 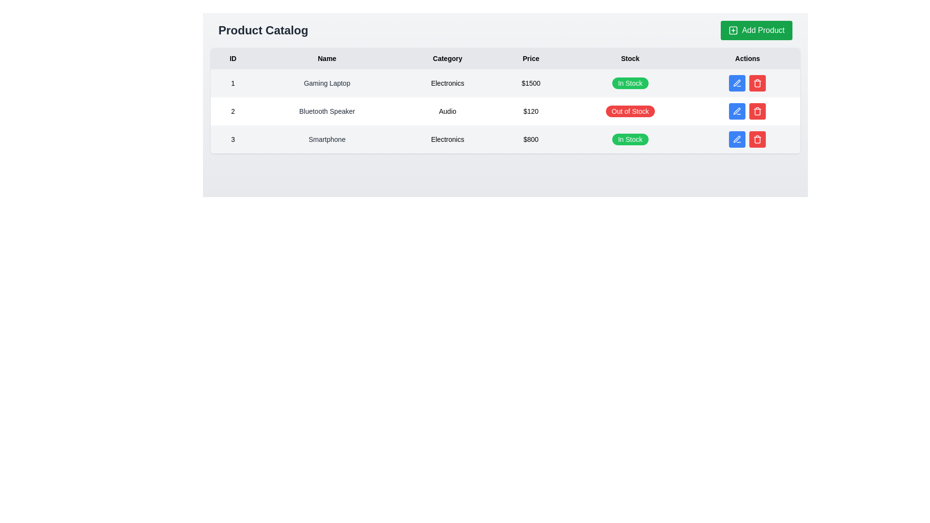 I want to click on the leftmost blue pen icon button in the 'Actions' column of the second row, so click(x=737, y=83).